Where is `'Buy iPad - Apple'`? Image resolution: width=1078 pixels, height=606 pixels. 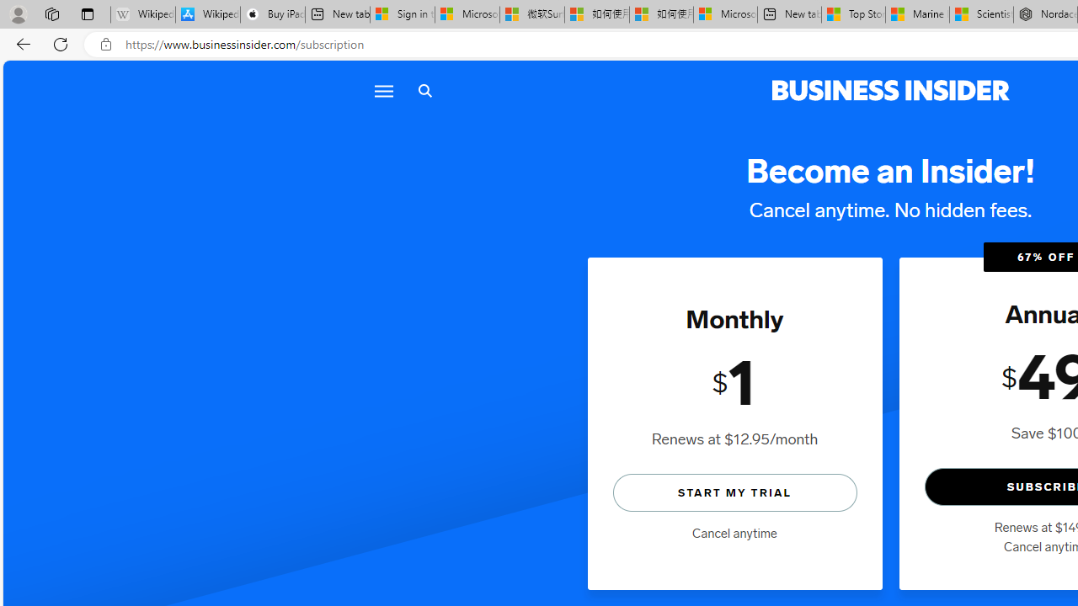 'Buy iPad - Apple' is located at coordinates (272, 14).